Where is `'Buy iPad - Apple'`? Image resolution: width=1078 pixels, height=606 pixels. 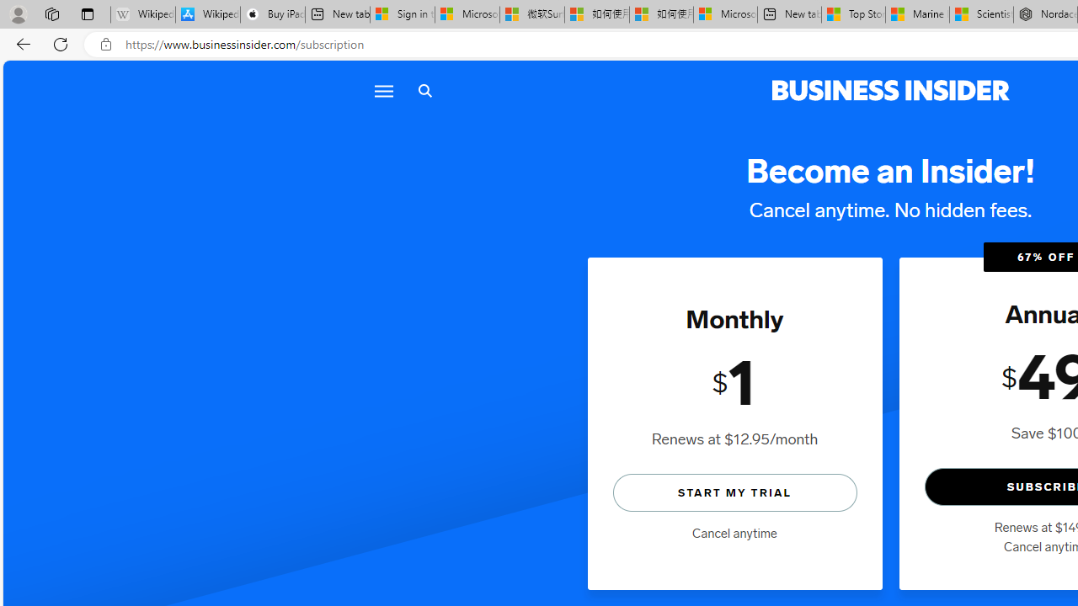 'Buy iPad - Apple' is located at coordinates (272, 14).